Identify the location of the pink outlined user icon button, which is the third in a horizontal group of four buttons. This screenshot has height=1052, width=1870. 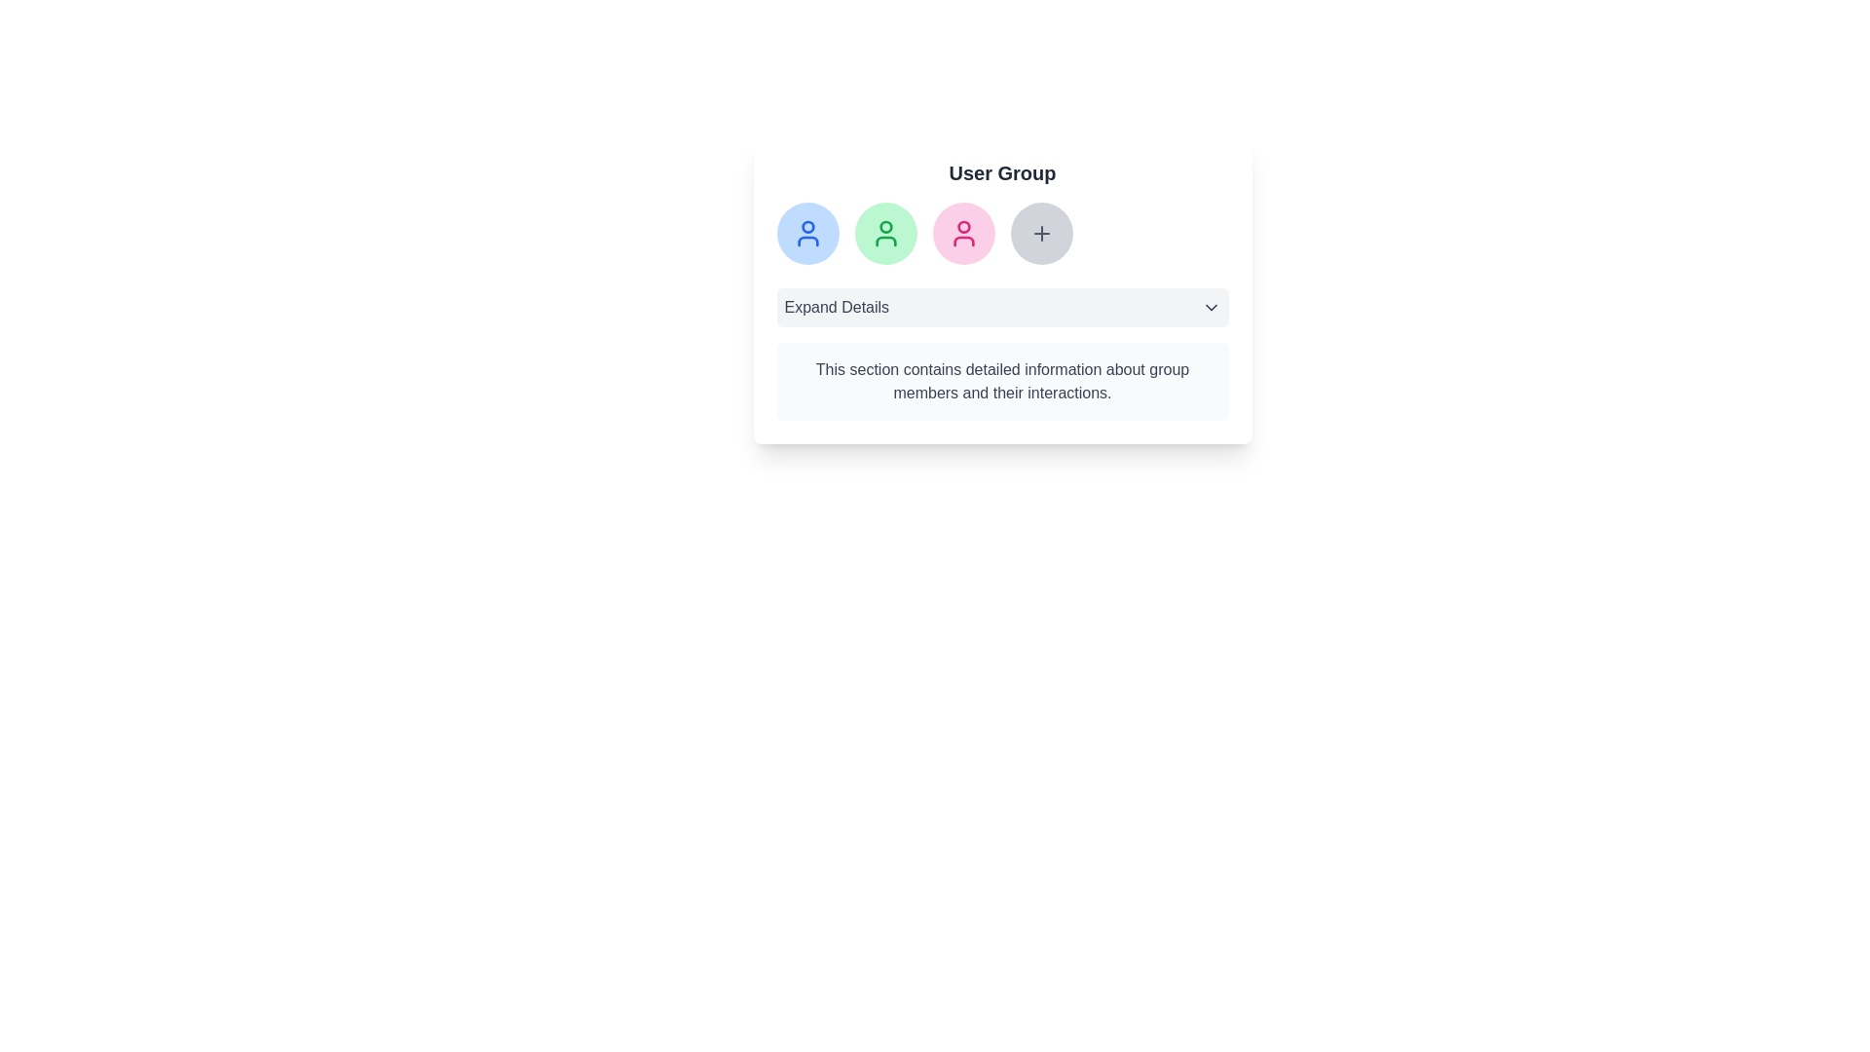
(963, 232).